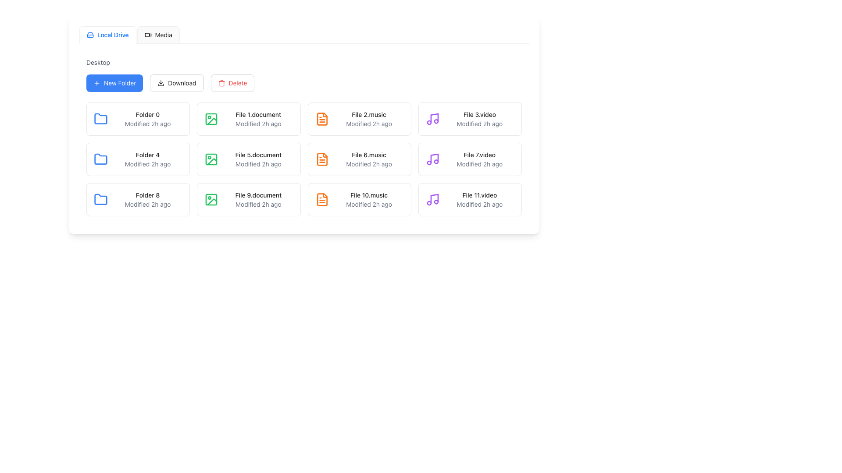  Describe the element at coordinates (359, 119) in the screenshot. I see `the button labeled 'File 2.music'` at that location.